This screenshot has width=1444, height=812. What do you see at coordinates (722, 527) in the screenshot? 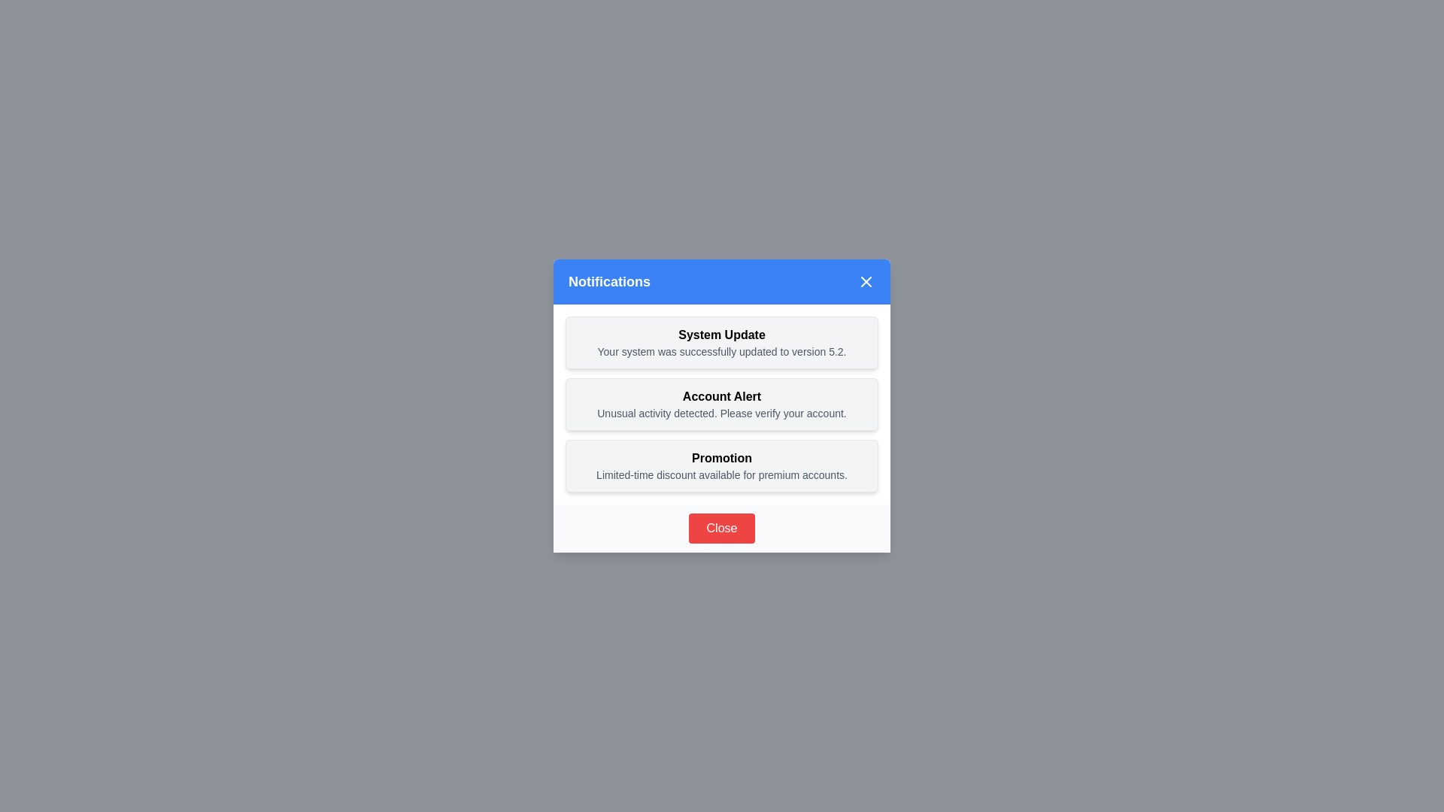
I see `the red 'Close' button with white text at the bottom of the 'Notifications' modal` at bounding box center [722, 527].